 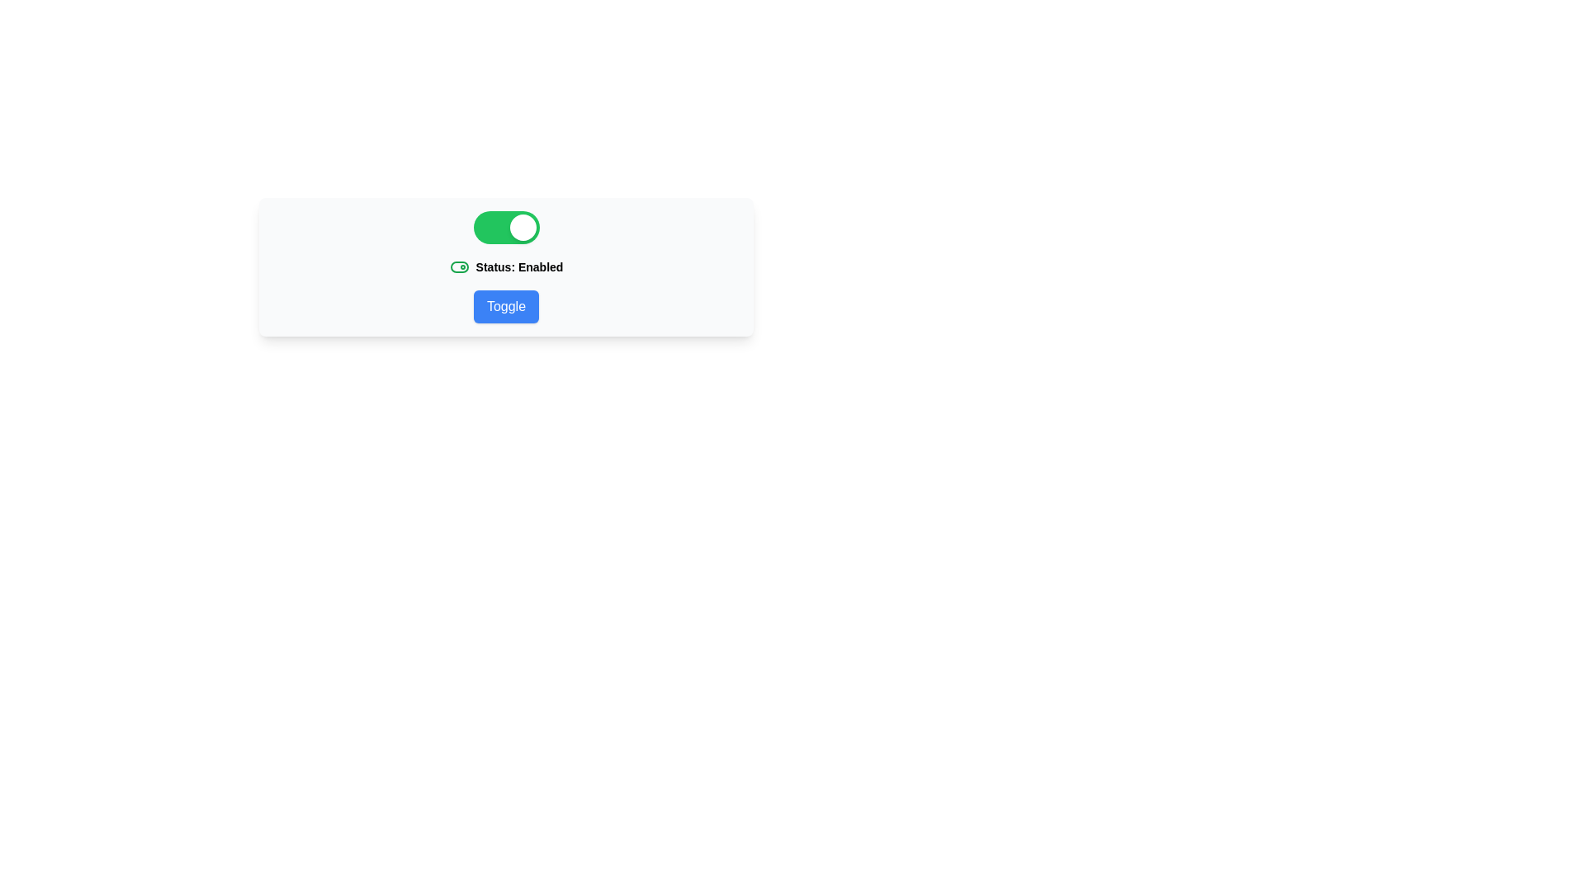 I want to click on the slider to toggle the switch, so click(x=505, y=228).